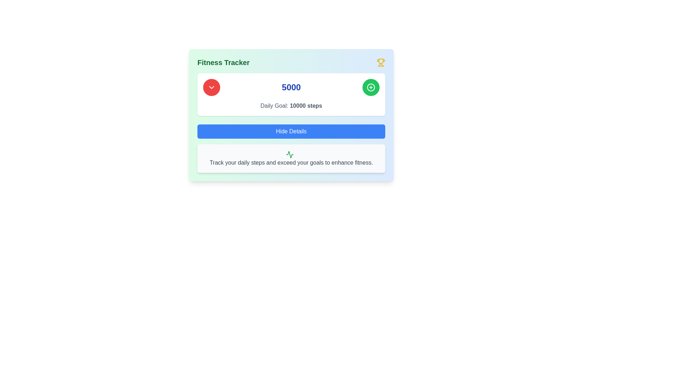 The height and width of the screenshot is (384, 683). What do you see at coordinates (291, 106) in the screenshot?
I see `text contents of the informative label showing the user's daily step goal in the fitness tracker interface, which is located directly below the '5000' text and above a blue 'Hide Details' button` at bounding box center [291, 106].